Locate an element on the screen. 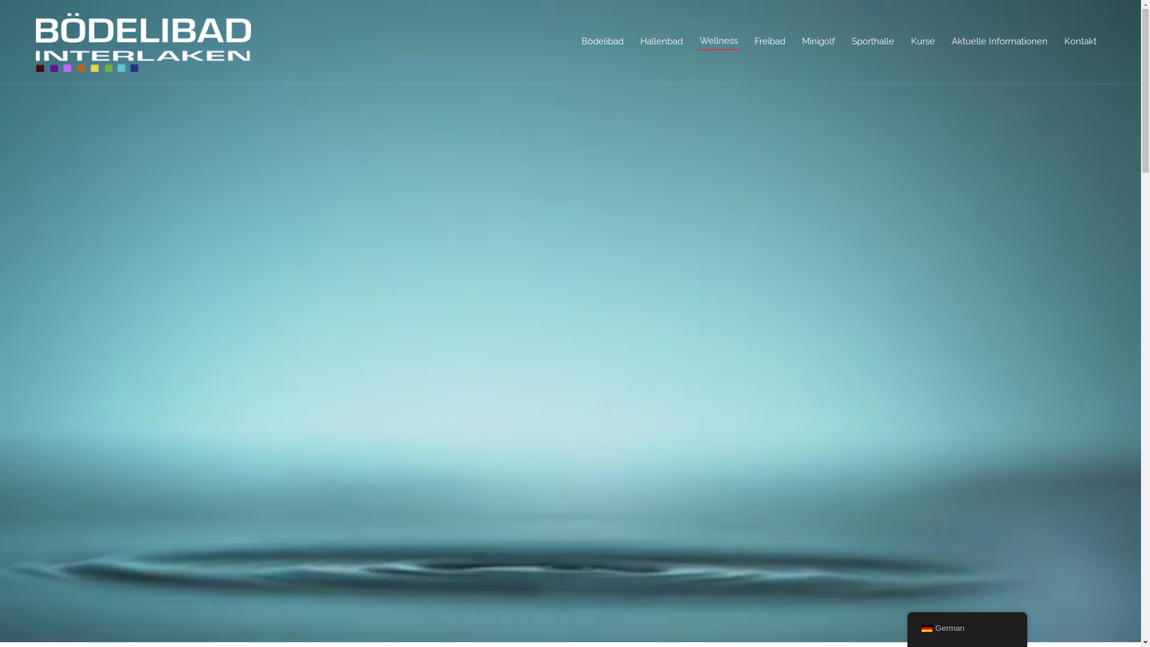 The image size is (1150, 647). 'Kurse' is located at coordinates (922, 41).